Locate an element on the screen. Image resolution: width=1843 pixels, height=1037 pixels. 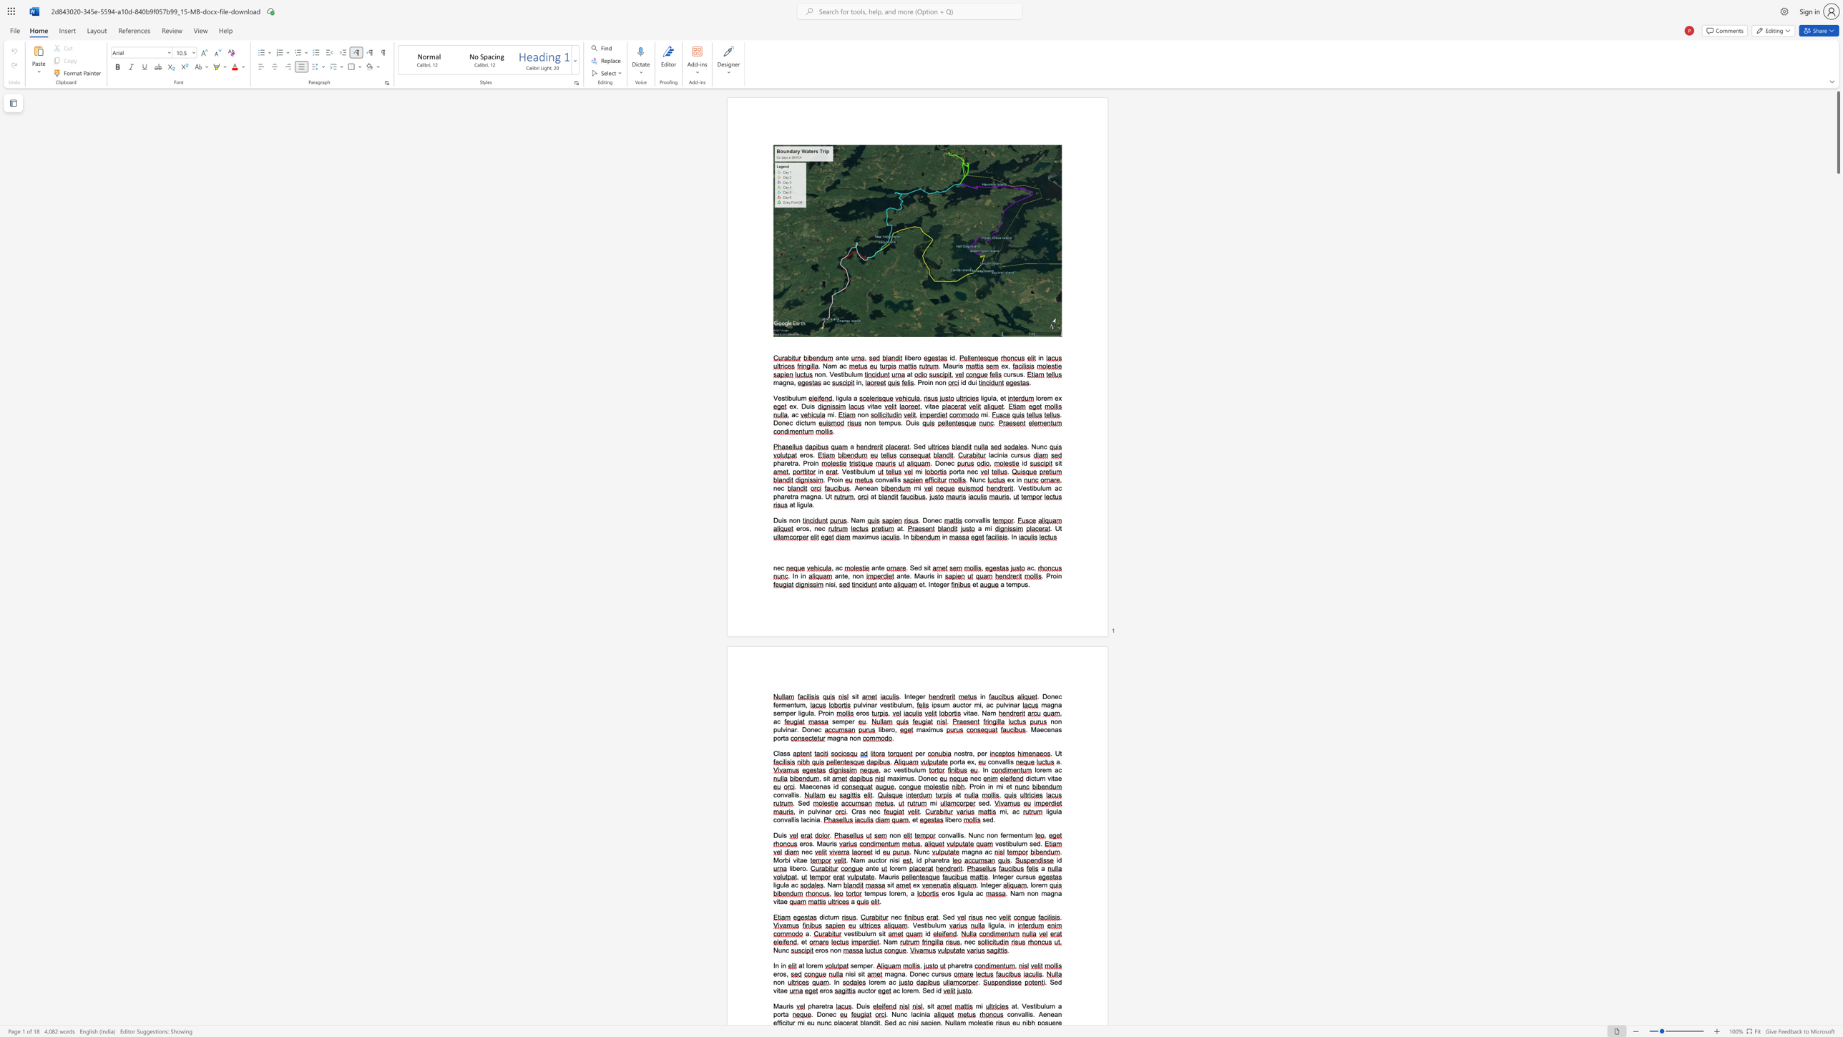
the 1th character "a" in the text is located at coordinates (787, 884).